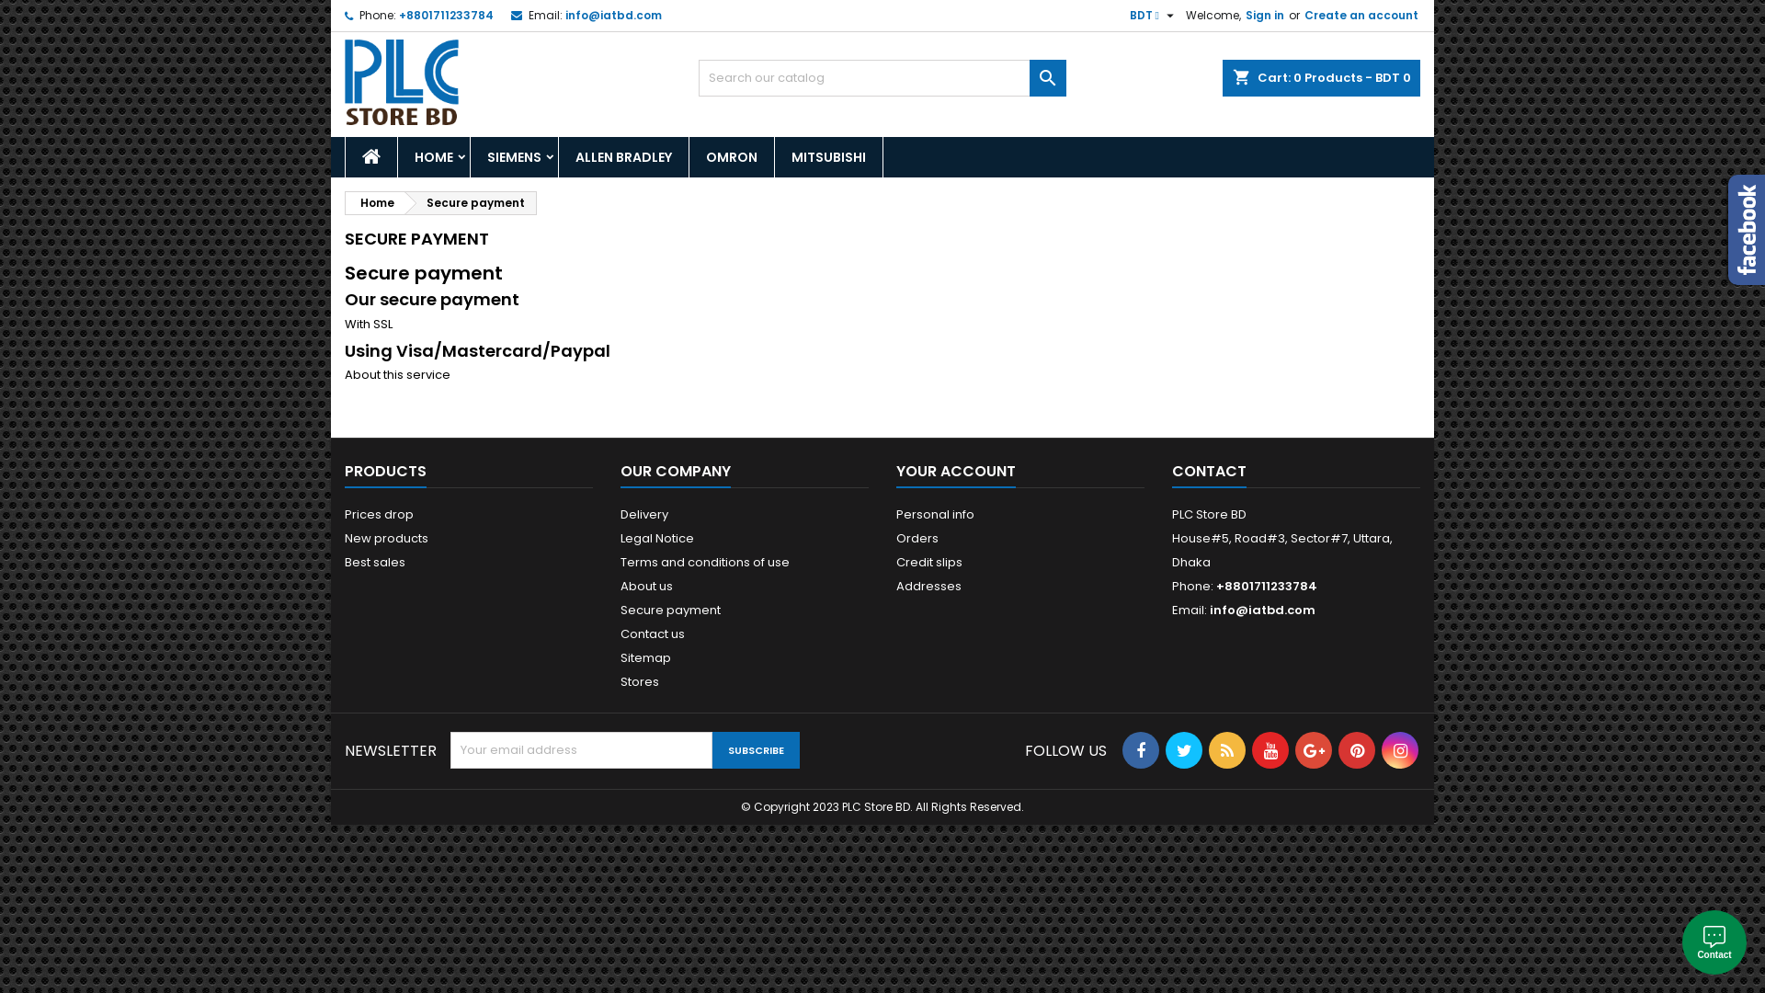 This screenshot has width=1765, height=993. I want to click on 'About us', so click(621, 586).